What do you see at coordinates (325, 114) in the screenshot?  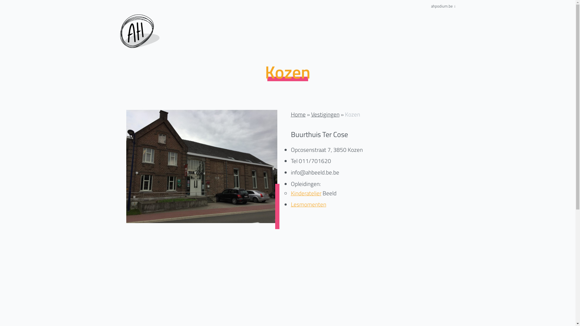 I see `'Vestigingen'` at bounding box center [325, 114].